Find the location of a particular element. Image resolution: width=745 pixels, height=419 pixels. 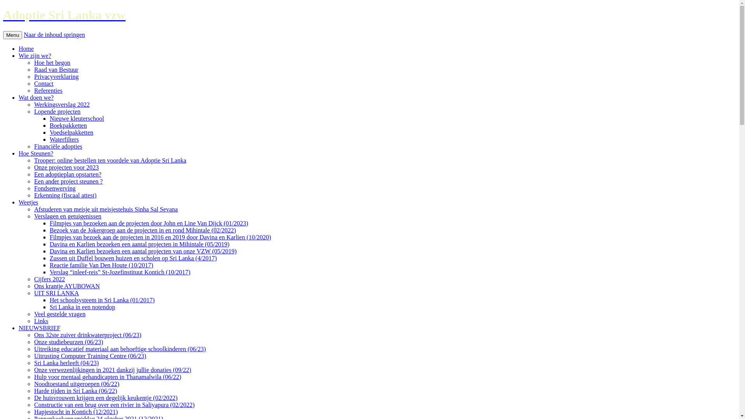

'Trooper: online bestellen ten voordele van Adoptie Sri Lanka' is located at coordinates (109, 160).